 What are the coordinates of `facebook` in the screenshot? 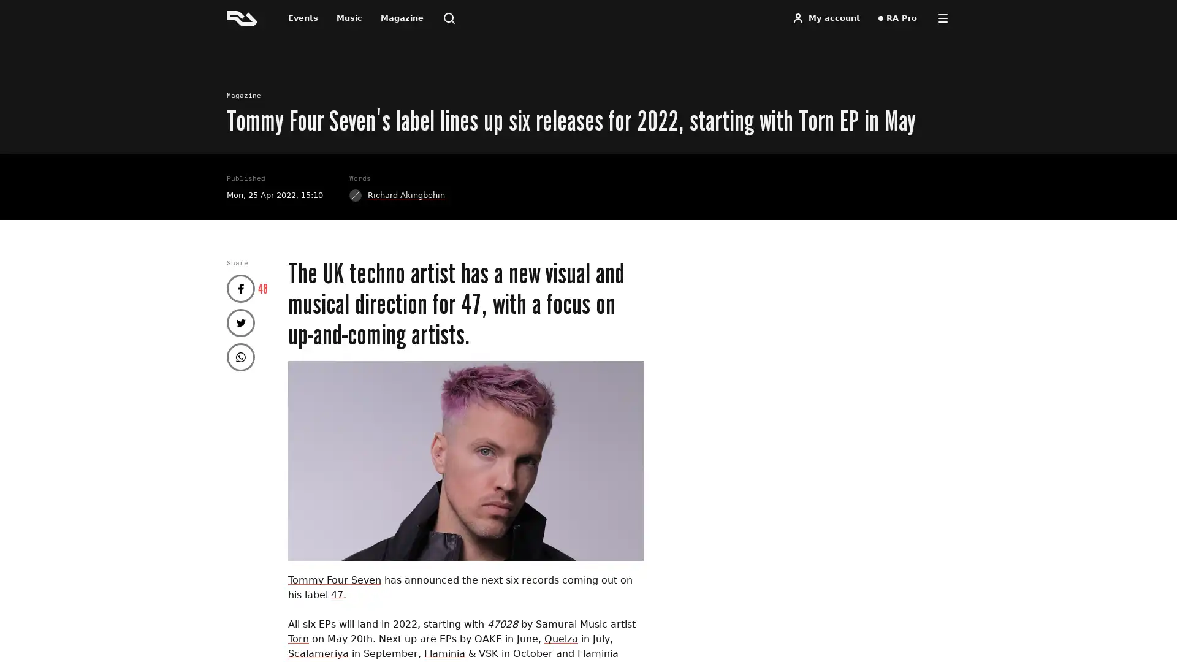 It's located at (241, 288).